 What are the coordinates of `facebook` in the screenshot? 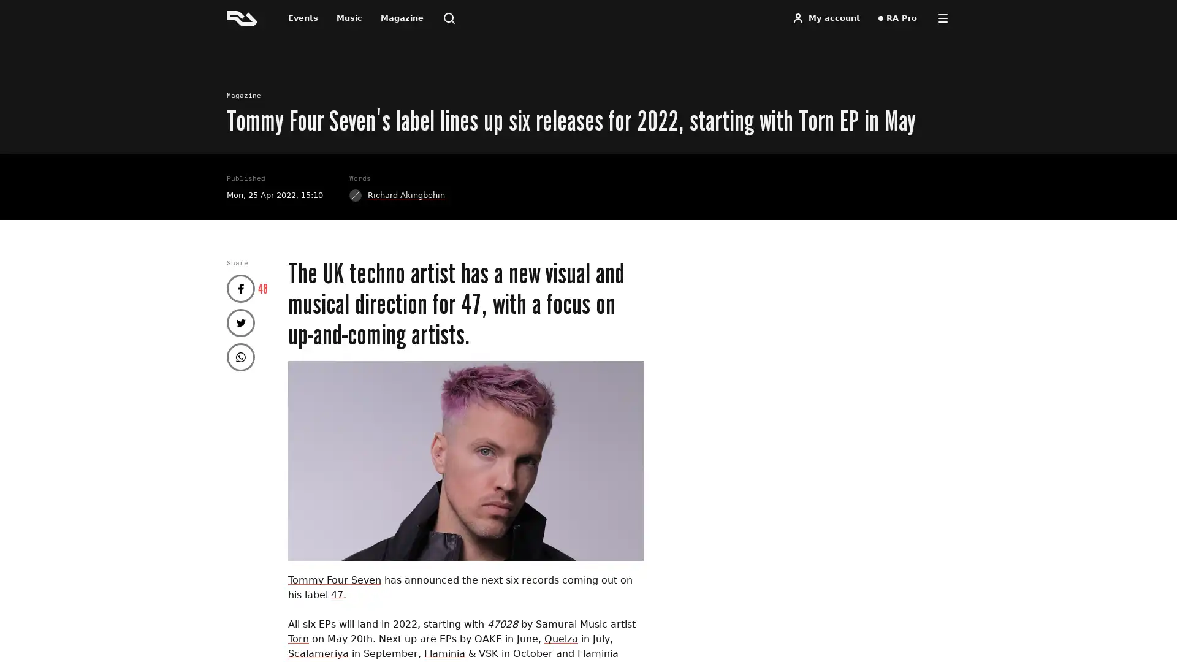 It's located at (241, 288).